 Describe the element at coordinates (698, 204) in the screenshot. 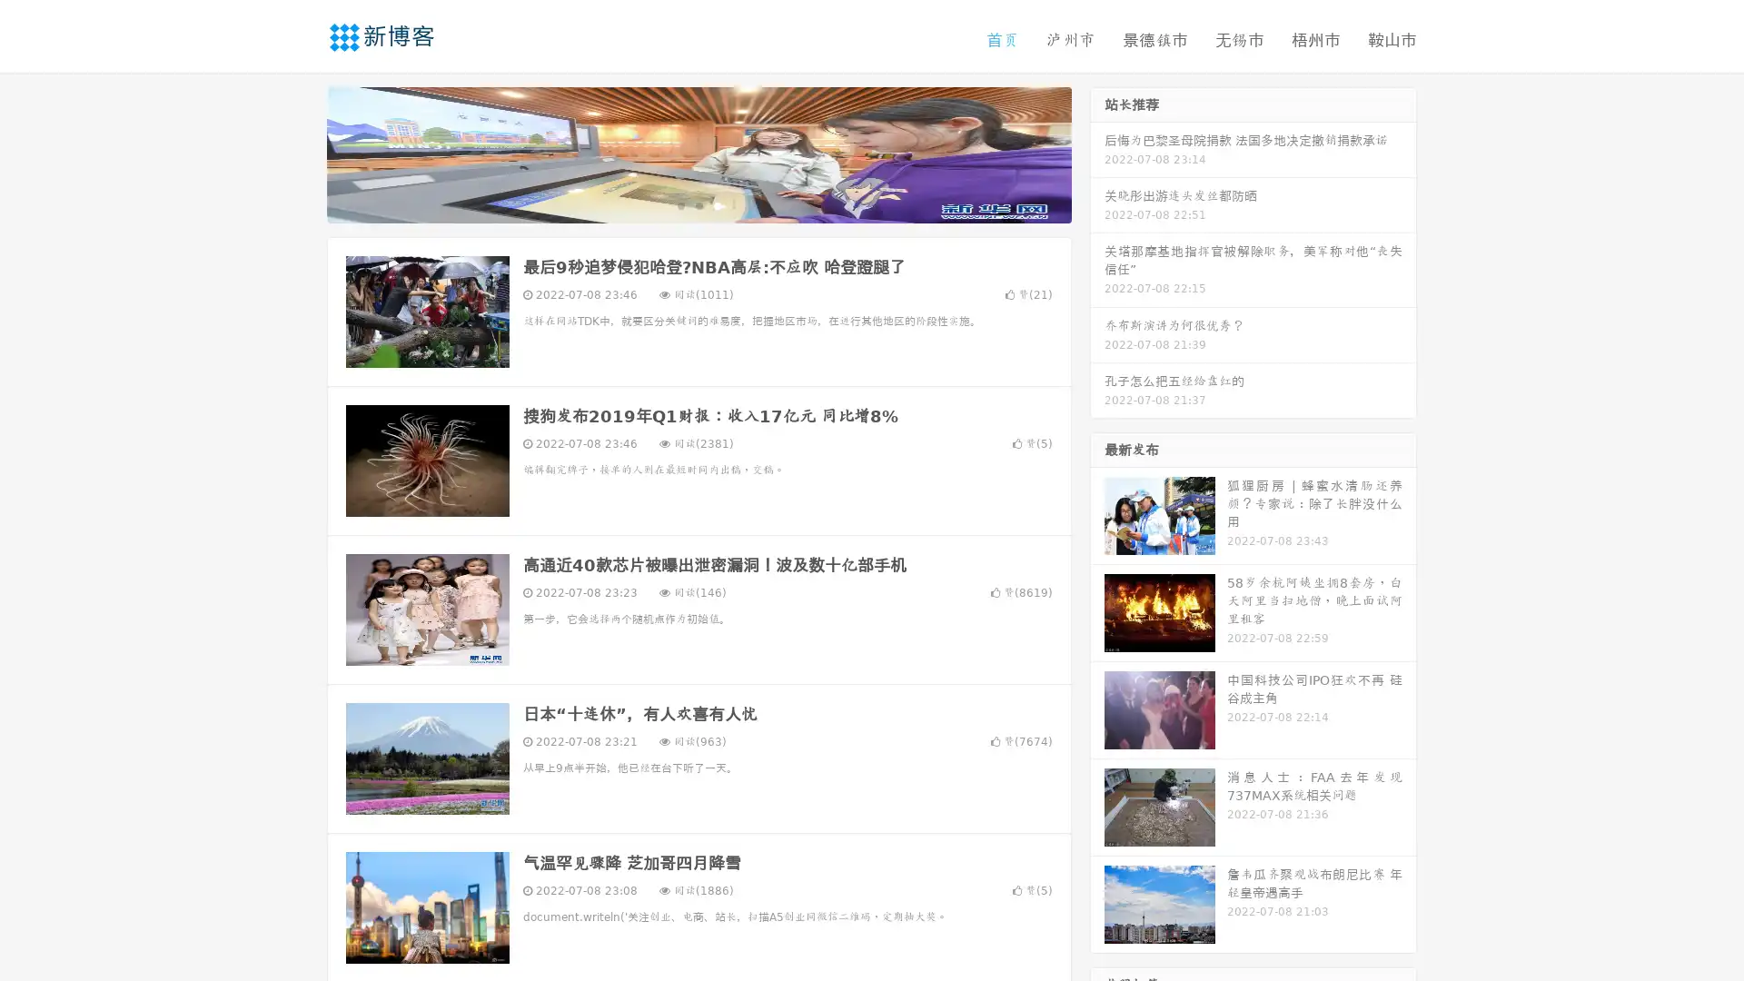

I see `Go to slide 2` at that location.